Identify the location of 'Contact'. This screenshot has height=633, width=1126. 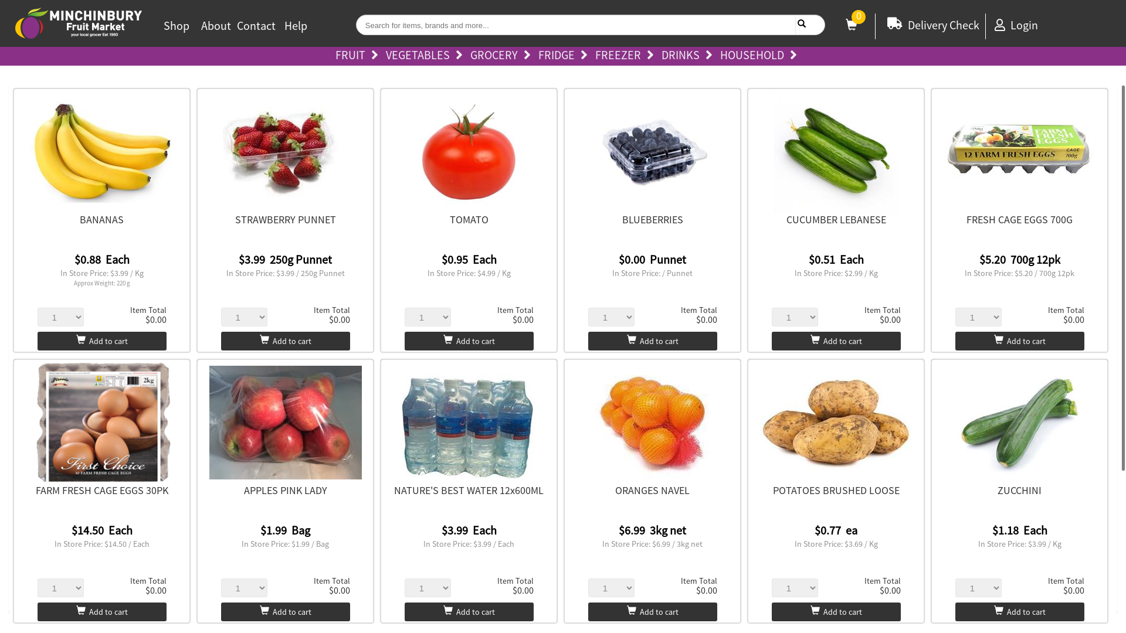
(255, 25).